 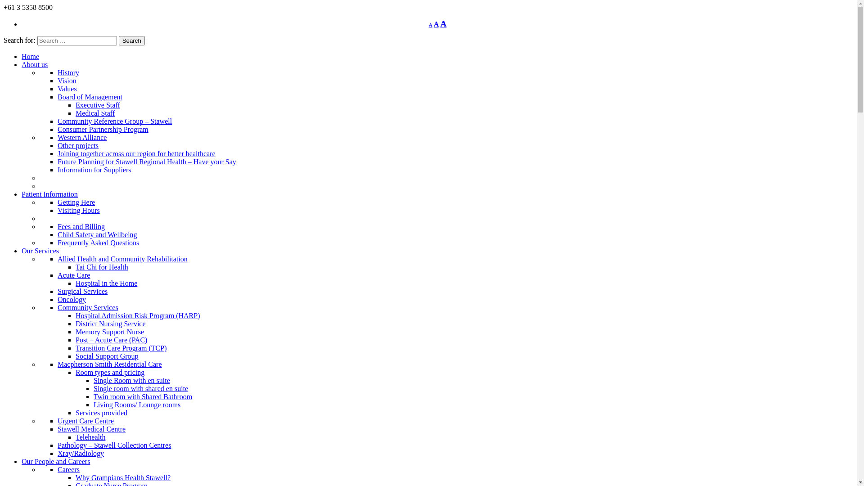 I want to click on 'Tai Chi for Health', so click(x=102, y=266).